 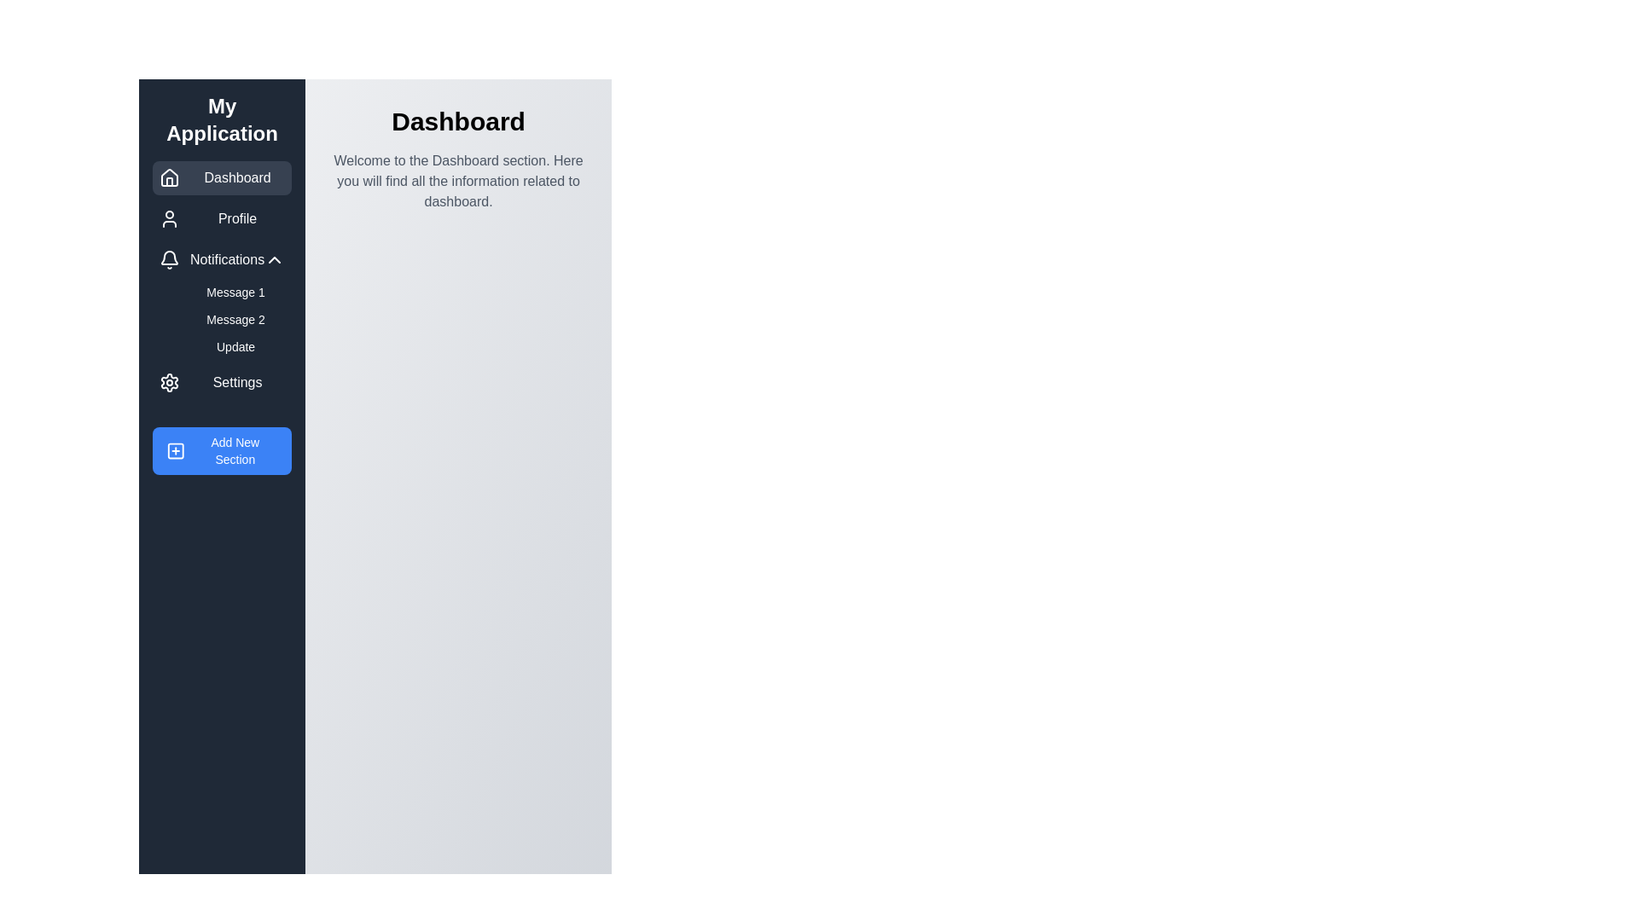 I want to click on the 'Dashboard' icon located in the sidebar navigation menu to visually highlight it for the user, so click(x=169, y=177).